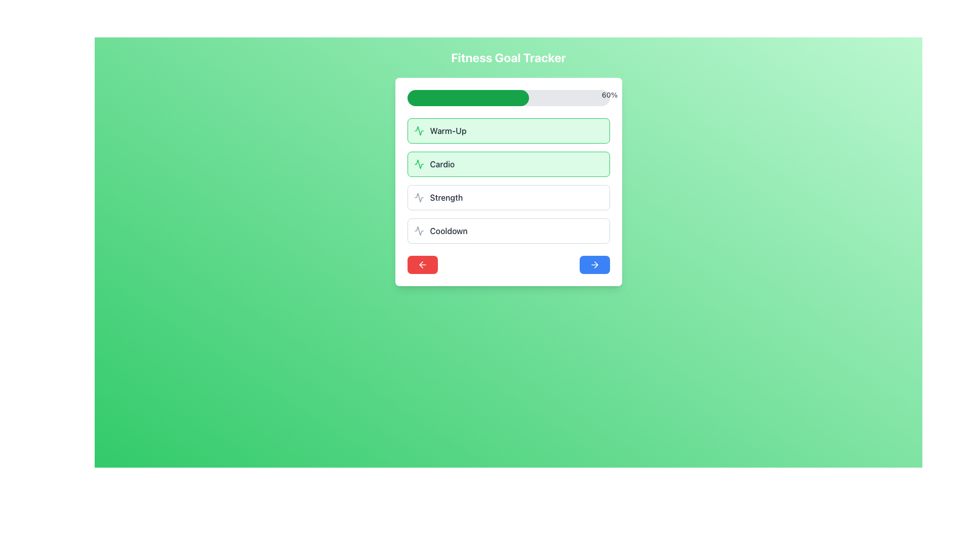 This screenshot has height=546, width=972. I want to click on the 'Strength' list item, which is the third item in a vertical stack, located below 'Warm-Up' and 'Cardio', and above 'Cooldown', so click(508, 197).